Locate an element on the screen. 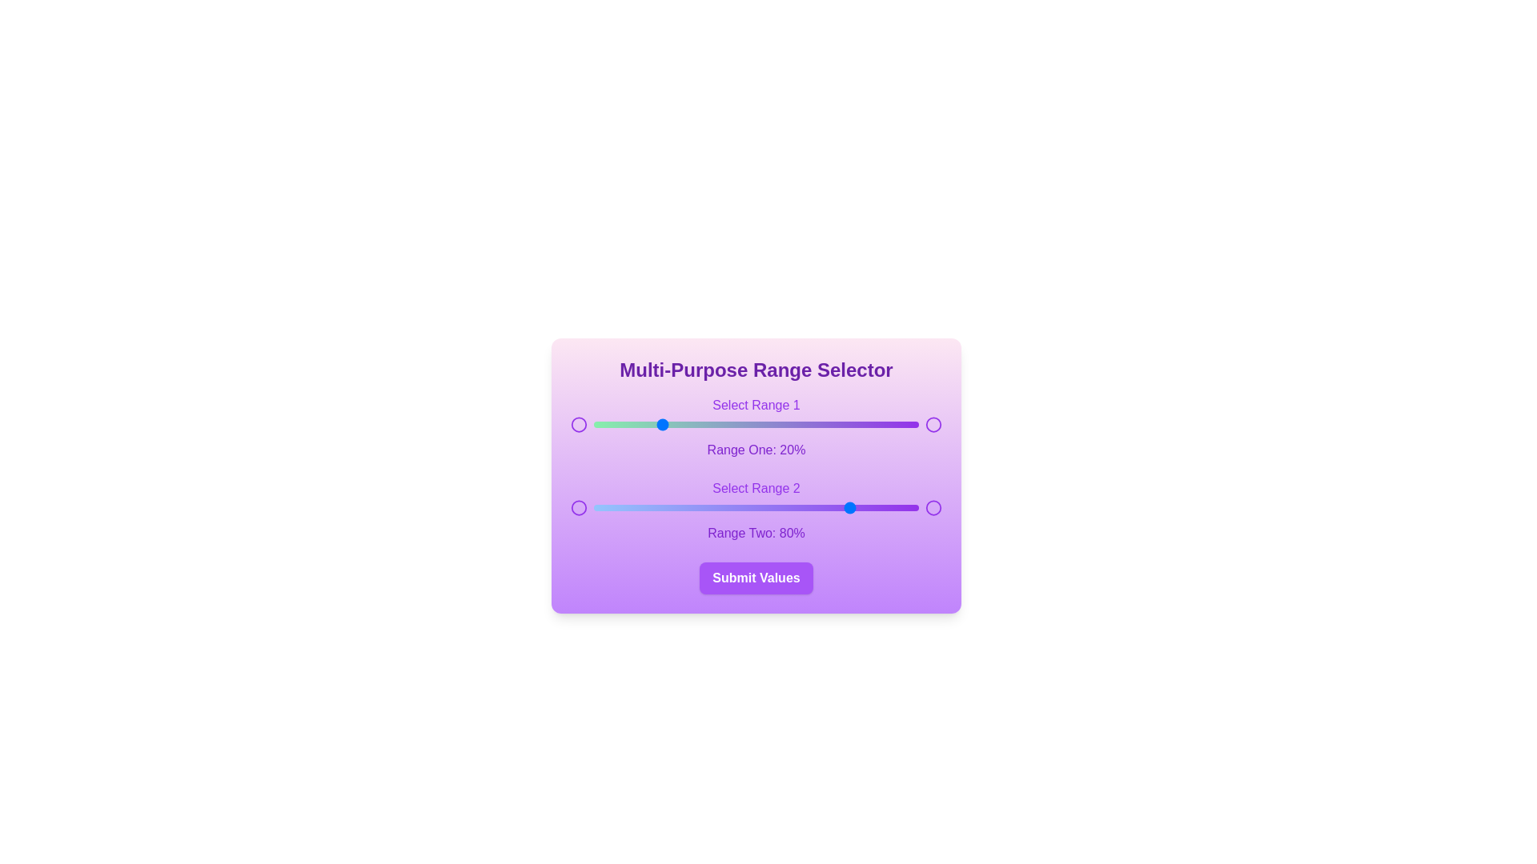  the second range slider to 90% is located at coordinates (885, 508).